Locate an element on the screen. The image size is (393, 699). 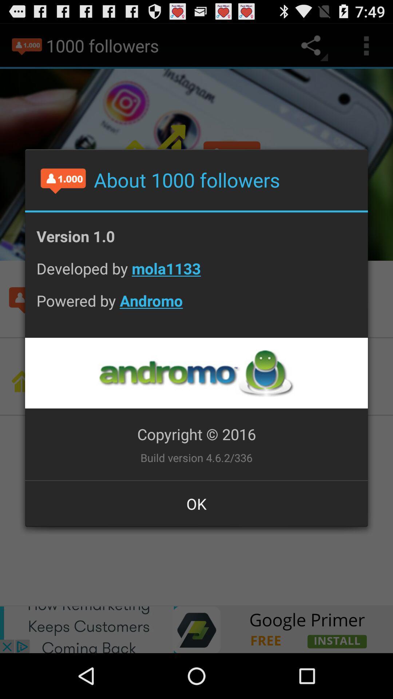
the app below version 1.0 app is located at coordinates (196, 274).